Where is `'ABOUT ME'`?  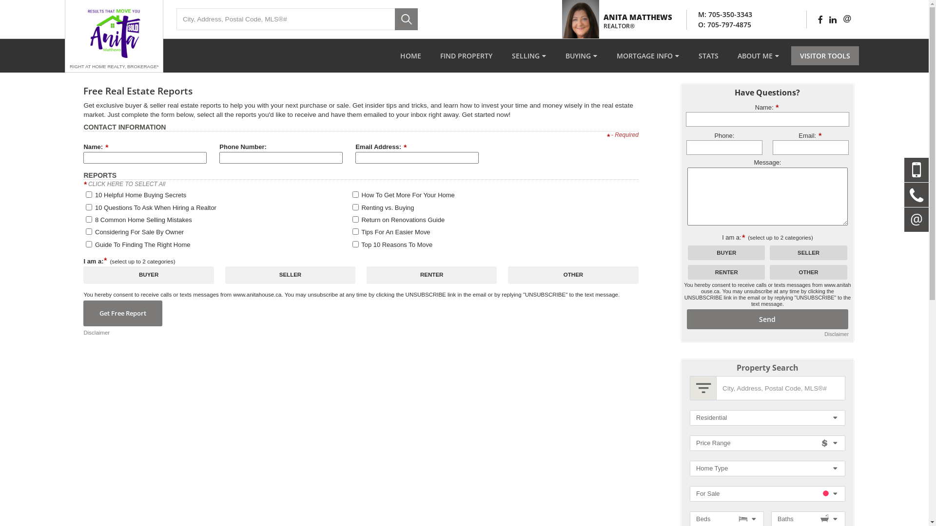 'ABOUT ME' is located at coordinates (758, 56).